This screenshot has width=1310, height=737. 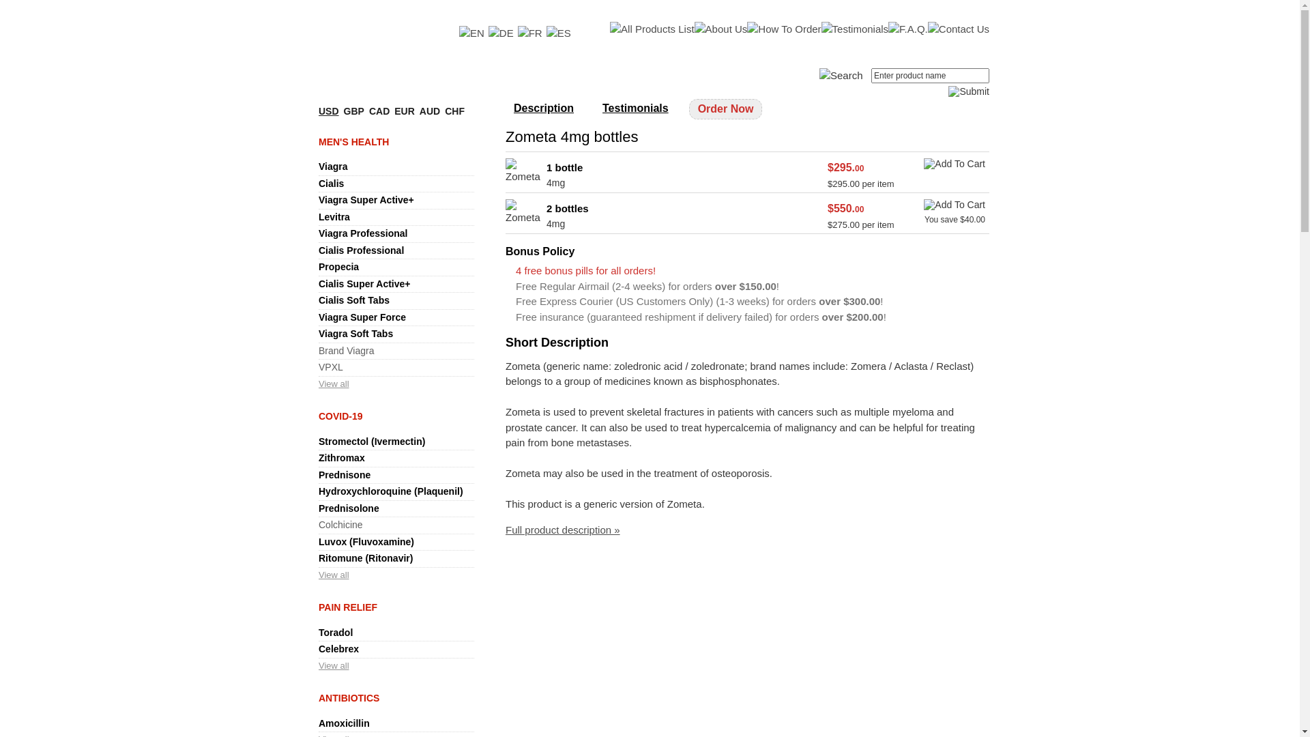 What do you see at coordinates (341, 458) in the screenshot?
I see `'Zithromax'` at bounding box center [341, 458].